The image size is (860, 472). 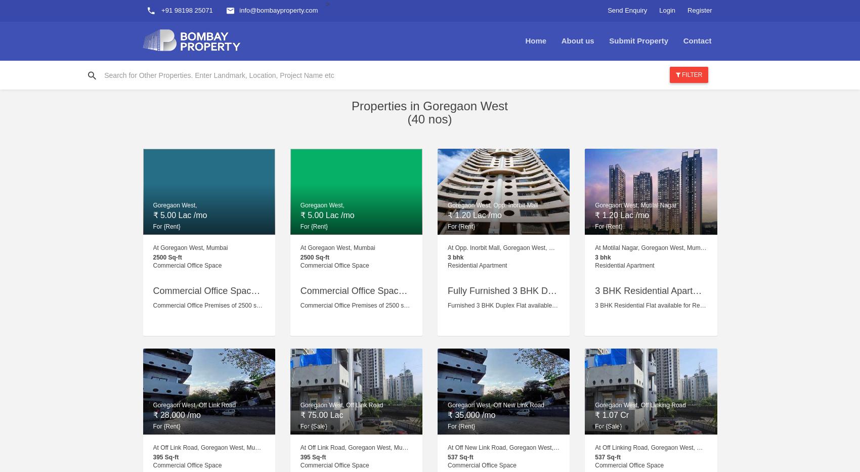 I want to click on '>', so click(x=327, y=4).